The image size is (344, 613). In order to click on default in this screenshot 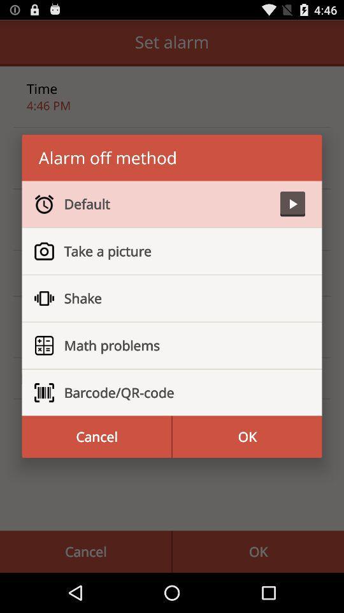, I will do `click(167, 204)`.